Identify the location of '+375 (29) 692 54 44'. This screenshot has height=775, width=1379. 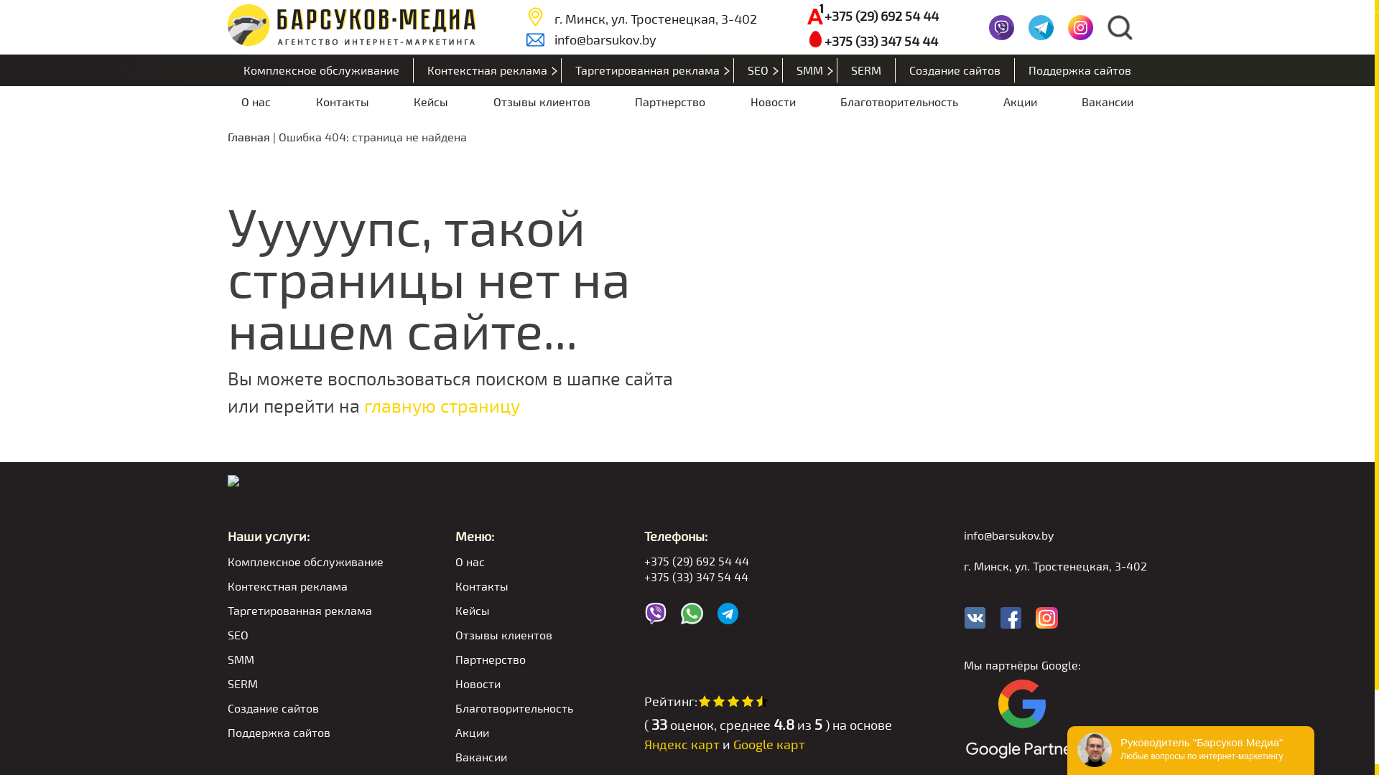
(767, 560).